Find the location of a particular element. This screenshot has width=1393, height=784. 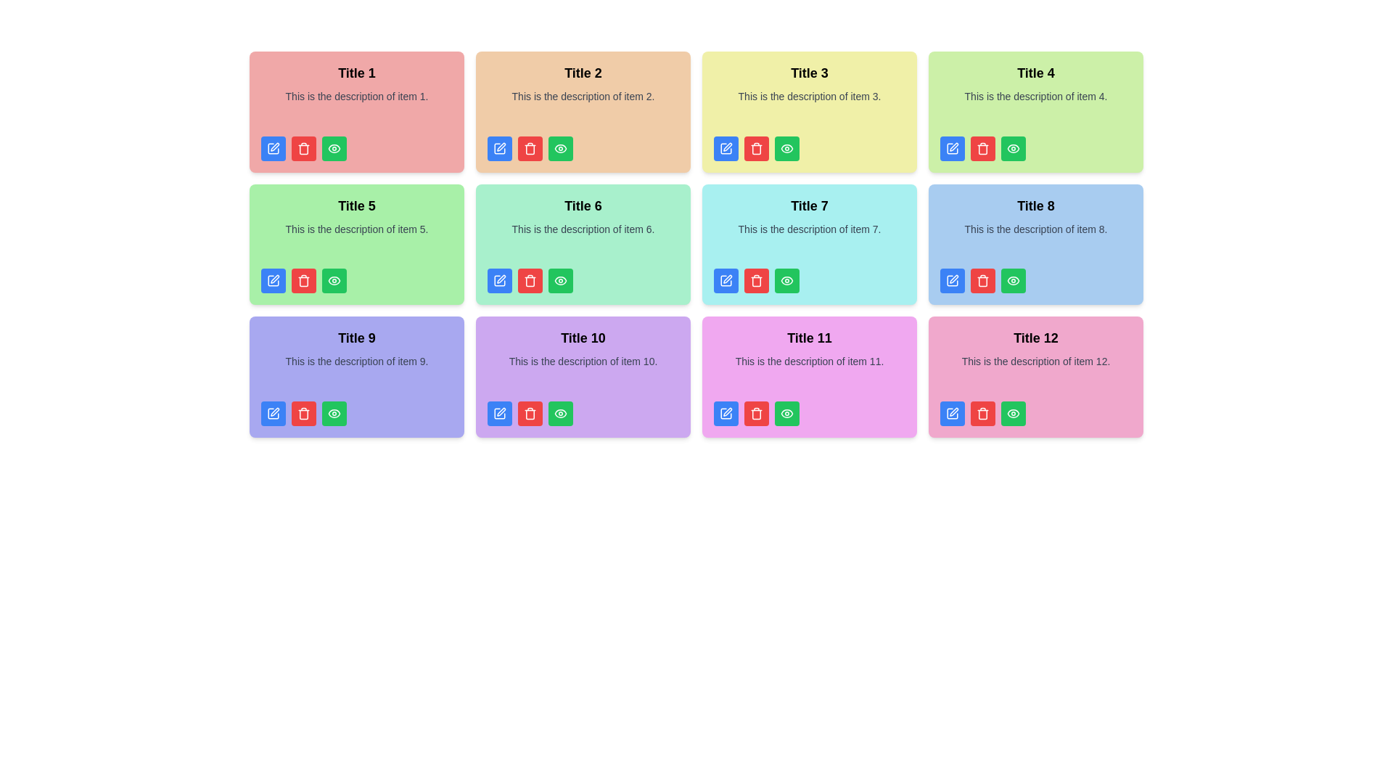

the eye-shaped icon within the green button labeled 'Title 4' is located at coordinates (1012, 148).